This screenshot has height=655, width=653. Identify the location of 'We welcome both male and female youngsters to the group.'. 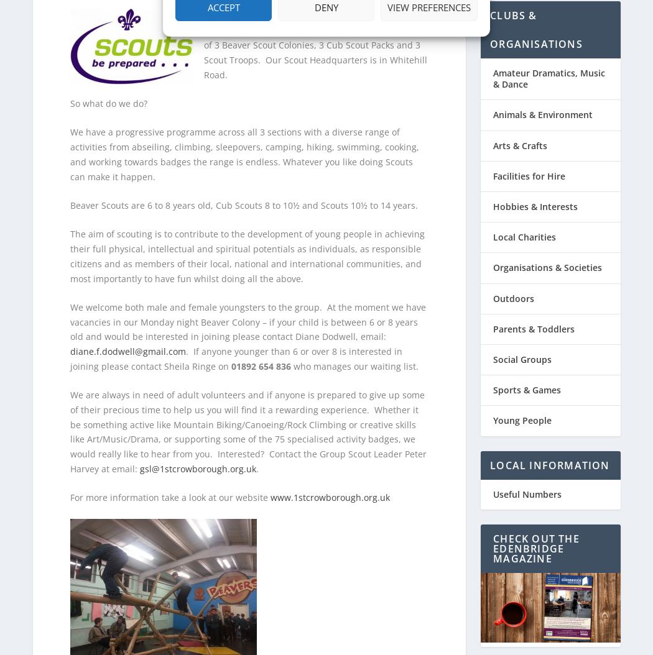
(195, 300).